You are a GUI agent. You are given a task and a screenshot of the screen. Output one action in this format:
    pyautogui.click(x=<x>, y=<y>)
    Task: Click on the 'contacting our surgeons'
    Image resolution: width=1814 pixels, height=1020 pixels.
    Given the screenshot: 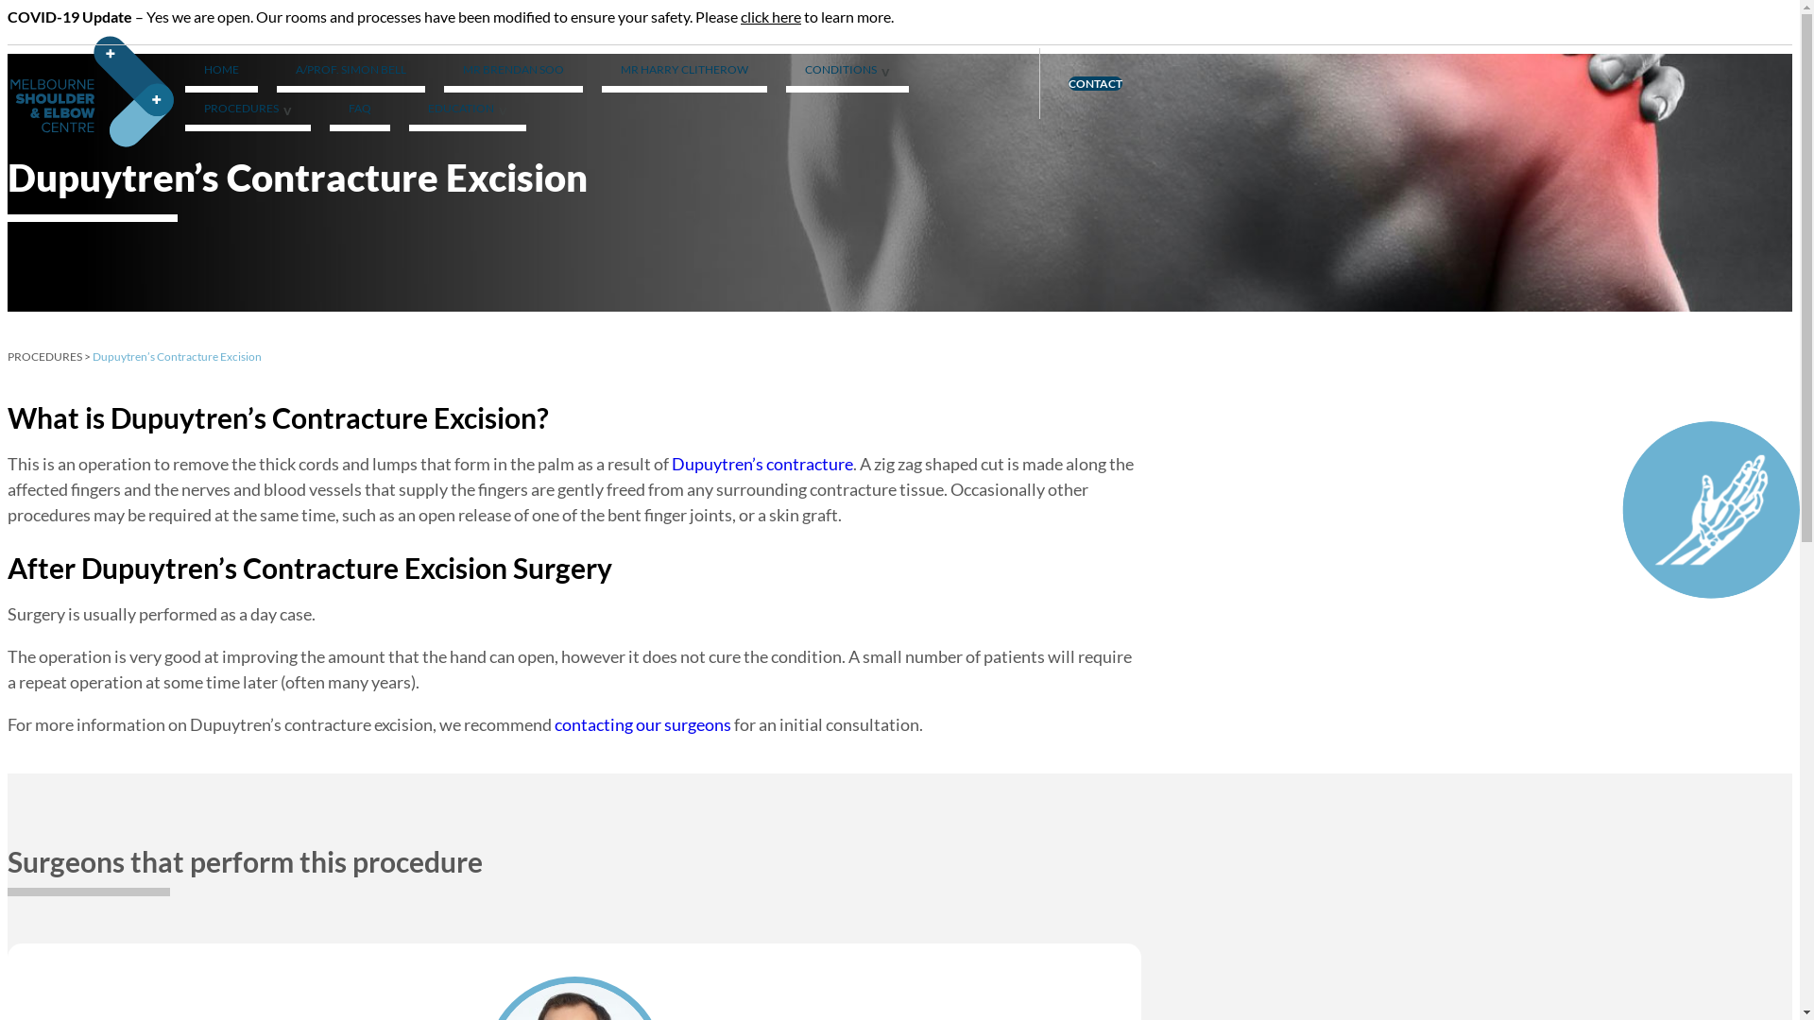 What is the action you would take?
    pyautogui.click(x=642, y=723)
    